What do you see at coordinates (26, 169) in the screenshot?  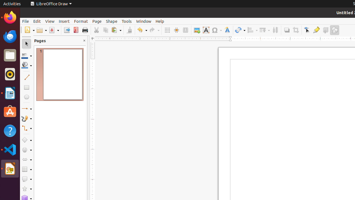 I see `'Flowchart Shapes'` at bounding box center [26, 169].